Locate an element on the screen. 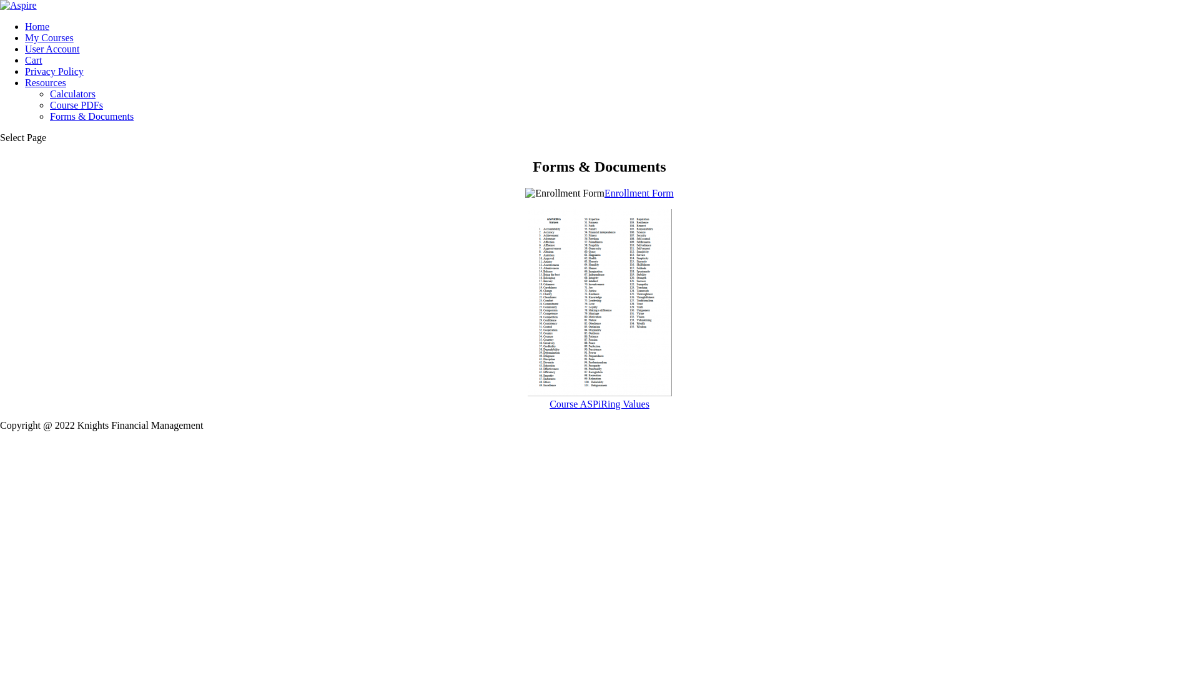 Image resolution: width=1199 pixels, height=674 pixels. 'Forms & Documents' is located at coordinates (91, 116).